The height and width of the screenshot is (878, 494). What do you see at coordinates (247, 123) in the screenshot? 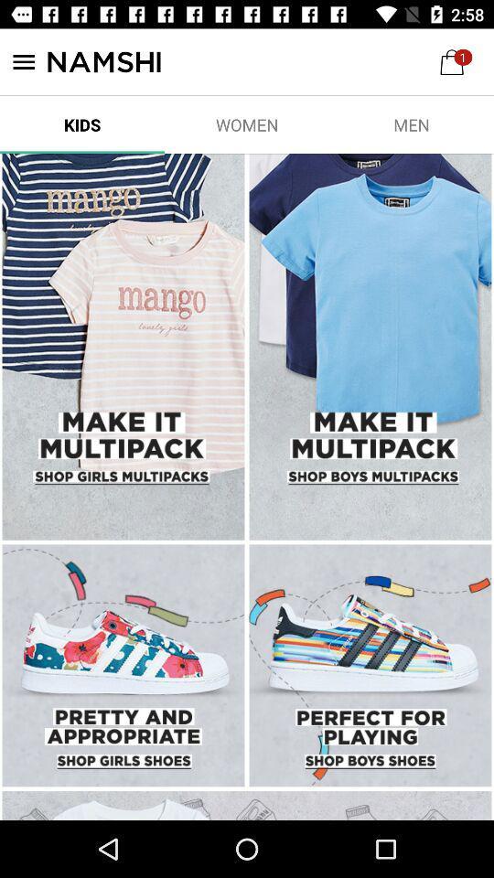
I see `the icon next to the kids icon` at bounding box center [247, 123].